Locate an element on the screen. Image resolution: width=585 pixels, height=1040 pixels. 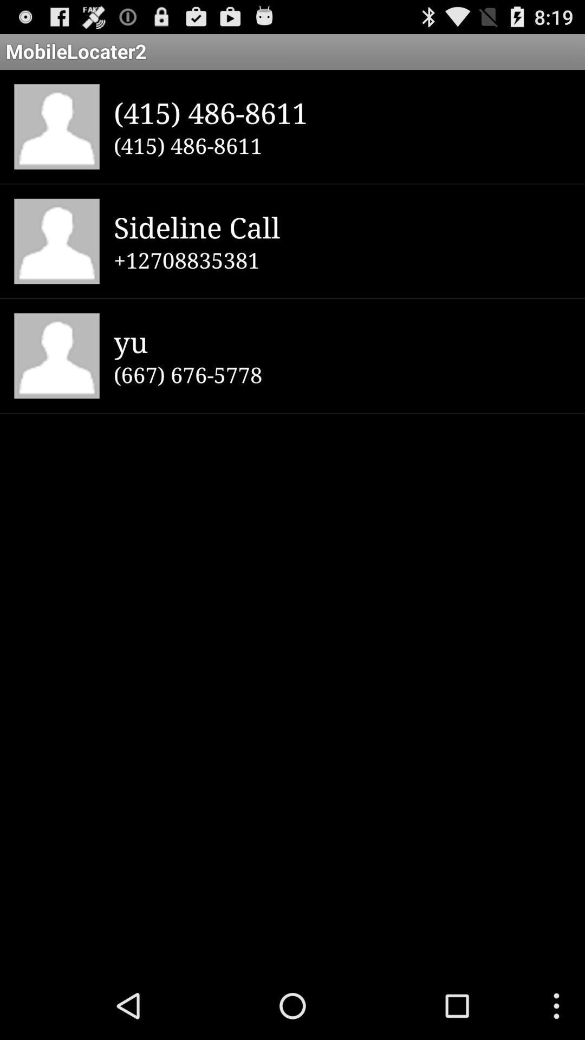
item below sideline call item is located at coordinates (342, 260).